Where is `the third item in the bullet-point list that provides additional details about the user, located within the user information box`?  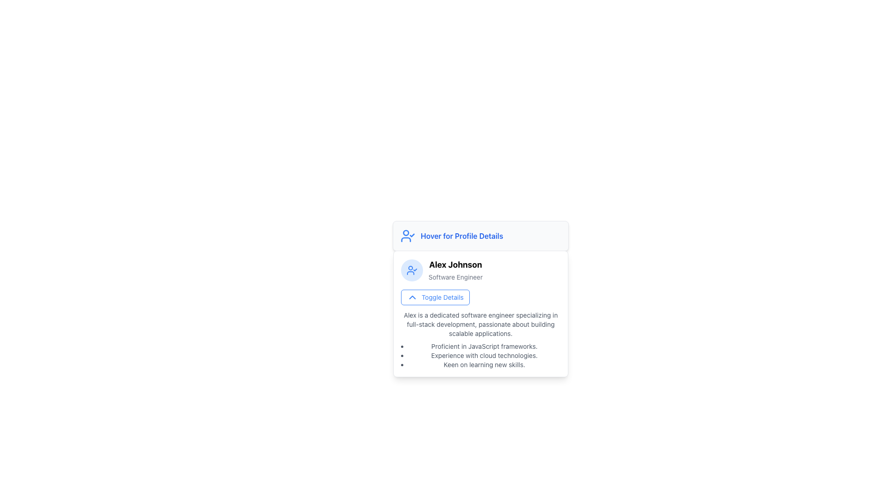 the third item in the bullet-point list that provides additional details about the user, located within the user information box is located at coordinates (484, 364).